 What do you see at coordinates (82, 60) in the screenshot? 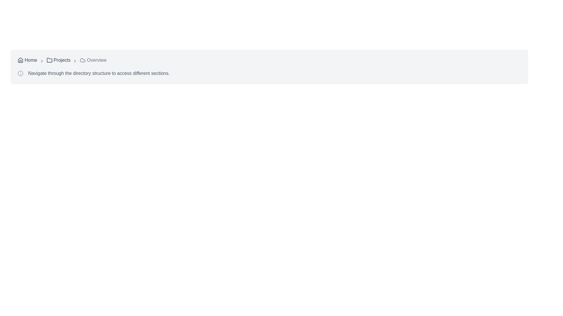
I see `the 'Overview' icon located left of the 'Overview' text in the breadcrumb navigation bar` at bounding box center [82, 60].